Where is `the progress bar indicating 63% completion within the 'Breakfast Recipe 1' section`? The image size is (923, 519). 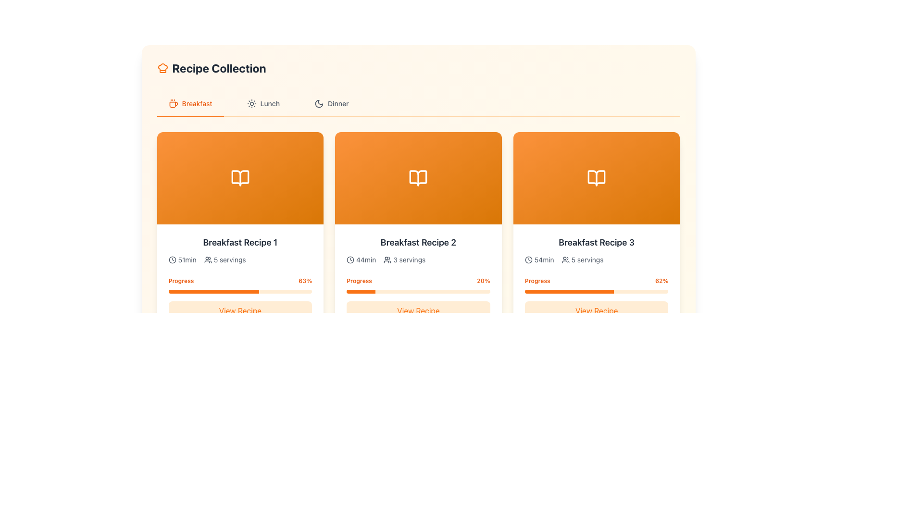 the progress bar indicating 63% completion within the 'Breakfast Recipe 1' section is located at coordinates (240, 283).